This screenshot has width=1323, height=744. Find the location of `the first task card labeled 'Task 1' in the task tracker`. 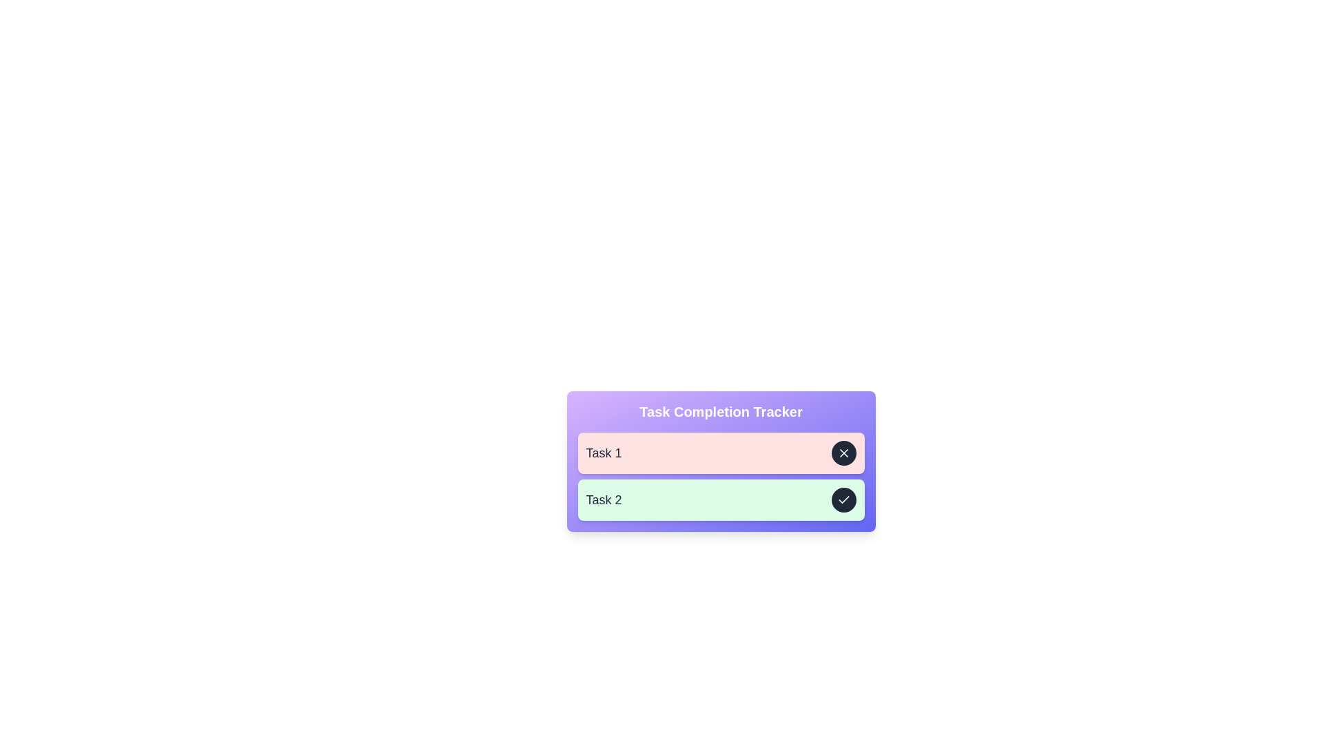

the first task card labeled 'Task 1' in the task tracker is located at coordinates (720, 453).